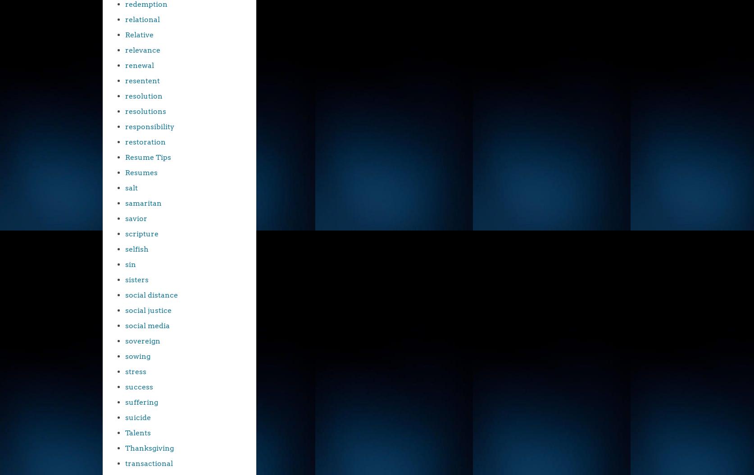 The image size is (754, 475). I want to click on 'success', so click(139, 387).